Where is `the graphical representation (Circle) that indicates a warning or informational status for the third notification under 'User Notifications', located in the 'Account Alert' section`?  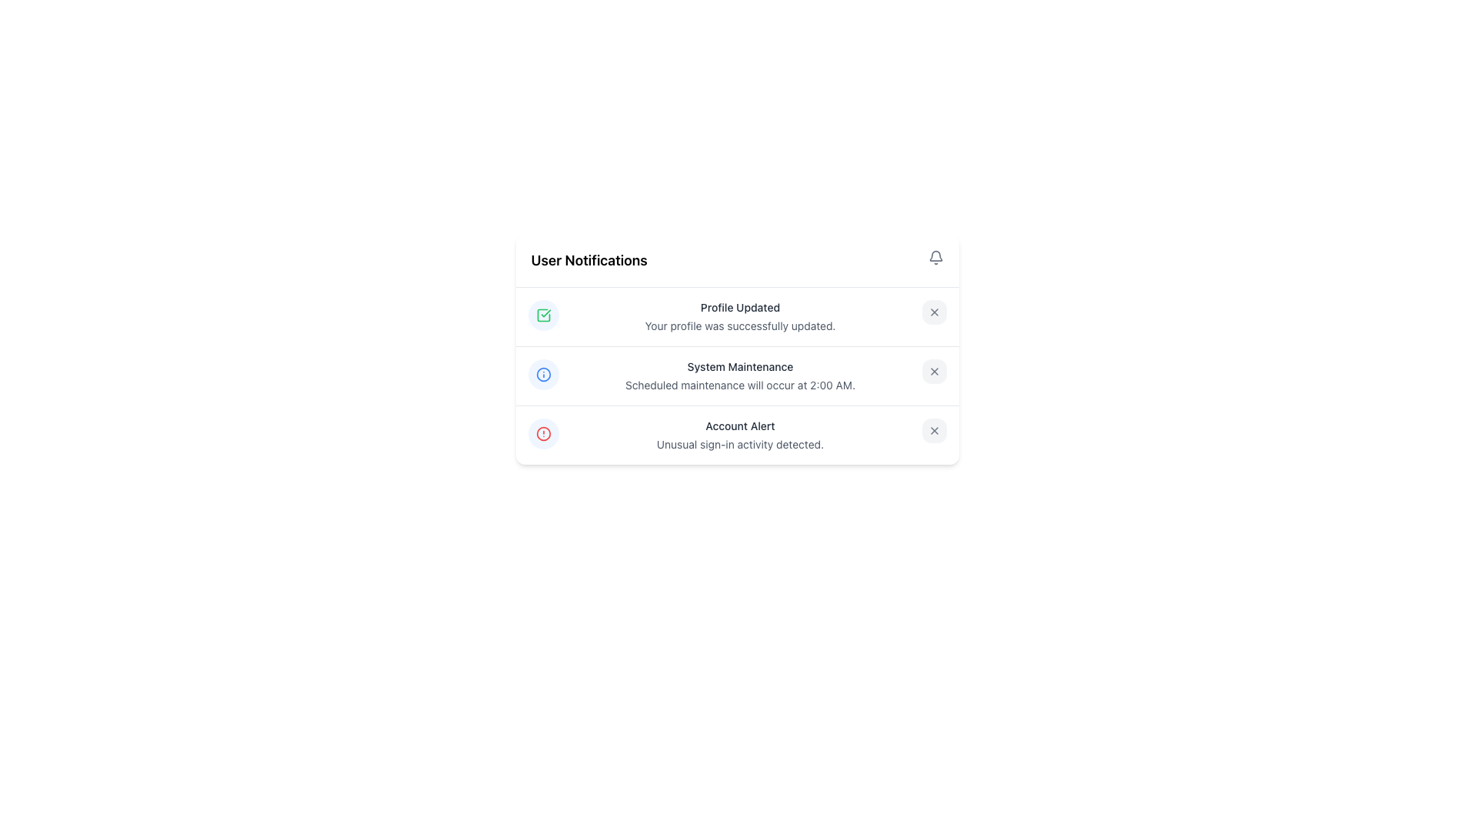
the graphical representation (Circle) that indicates a warning or informational status for the third notification under 'User Notifications', located in the 'Account Alert' section is located at coordinates (543, 374).